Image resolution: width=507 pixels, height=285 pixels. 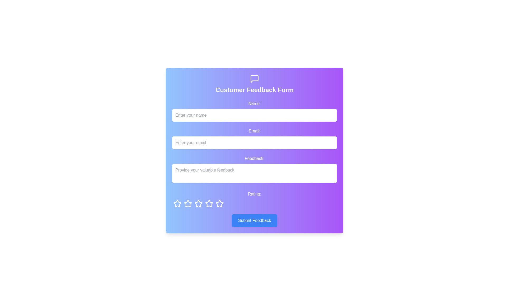 What do you see at coordinates (255, 79) in the screenshot?
I see `the messaging icon located in the header section of the Customer Feedback Form interface, which is positioned directly above the form title 'Customer Feedback Form'` at bounding box center [255, 79].